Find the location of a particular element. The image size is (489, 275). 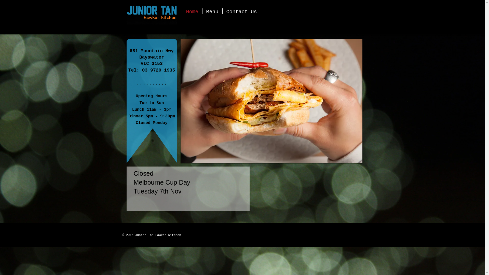

'Contact Us' is located at coordinates (222, 11).